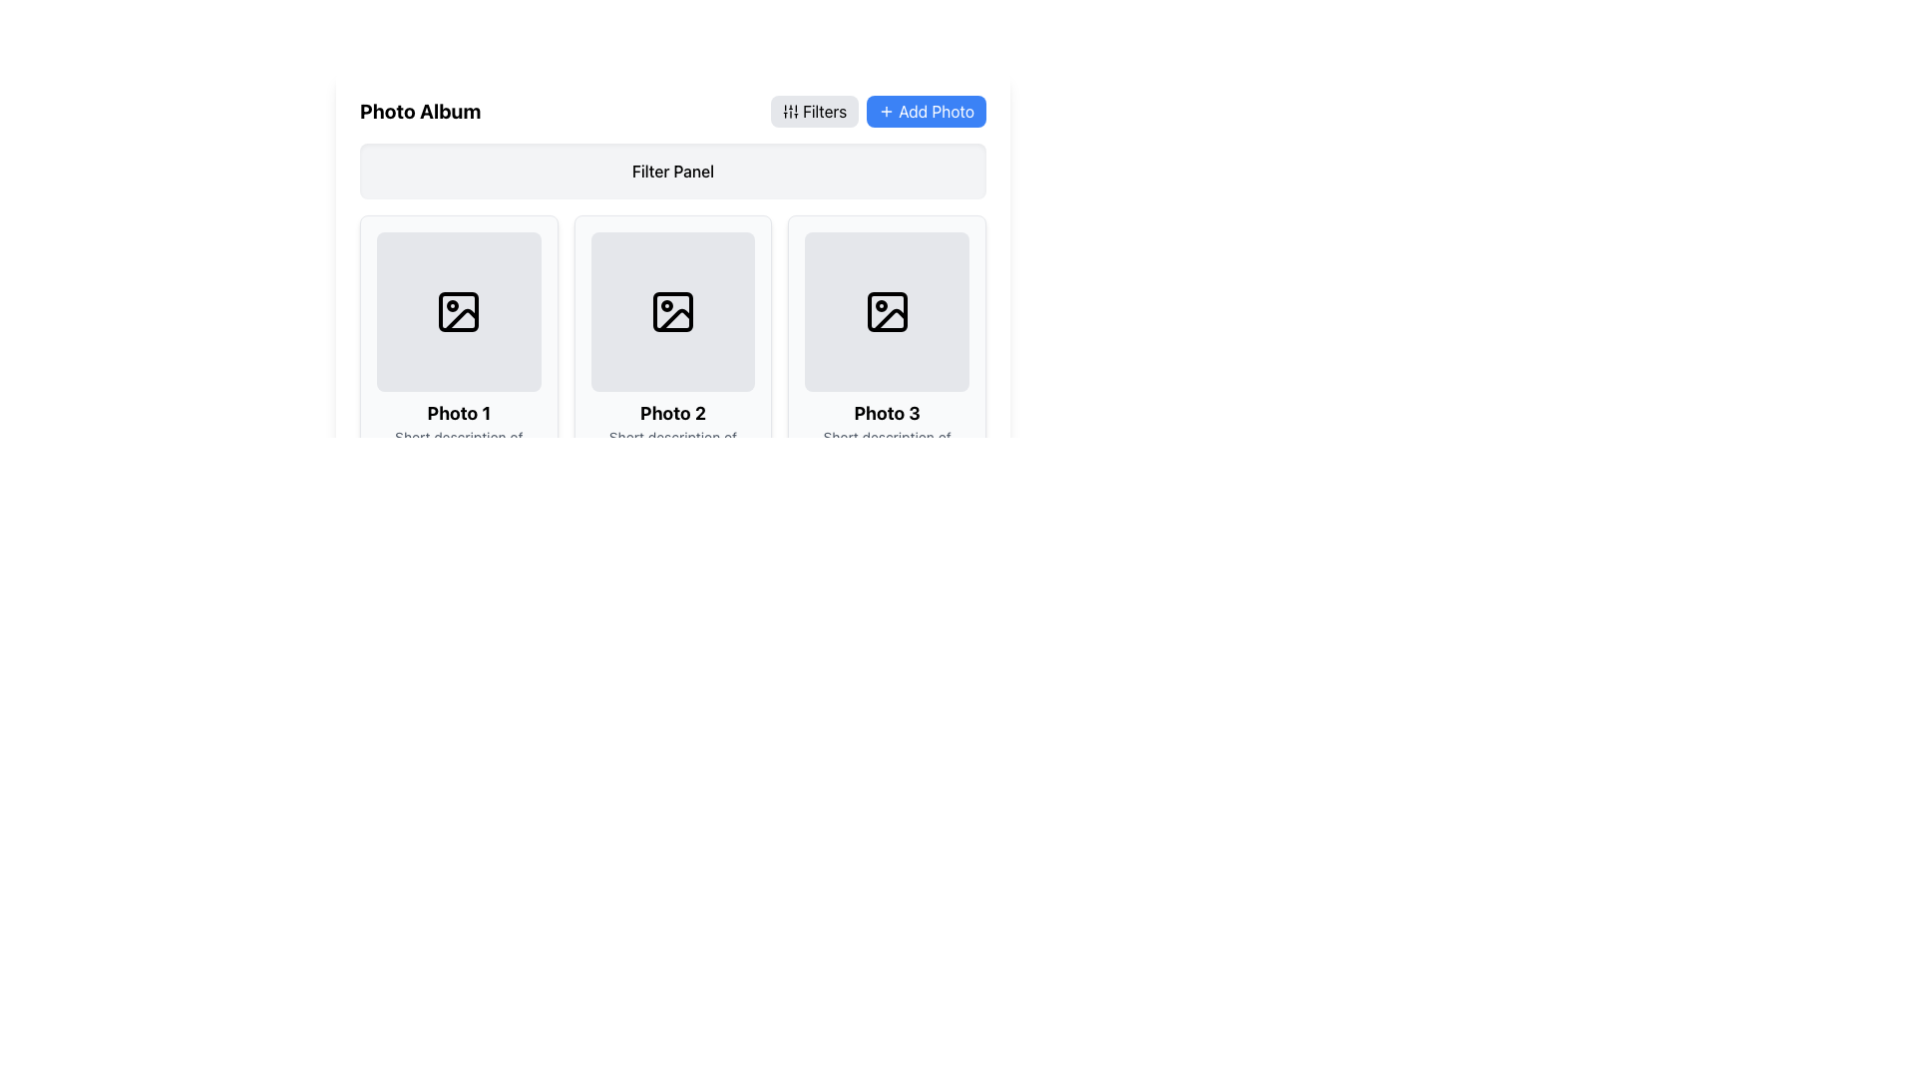  I want to click on the photograph icon located in the top left section of the first card labeled 'Photo 1' under the 'Photo Album' header, so click(458, 311).